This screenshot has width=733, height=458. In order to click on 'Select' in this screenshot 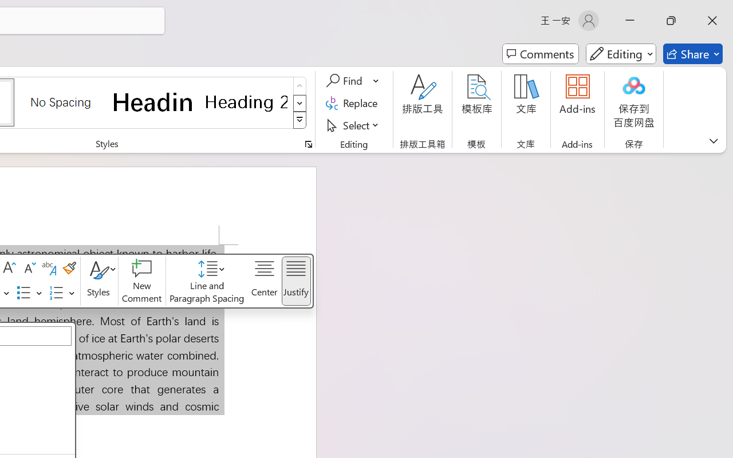, I will do `click(353, 125)`.